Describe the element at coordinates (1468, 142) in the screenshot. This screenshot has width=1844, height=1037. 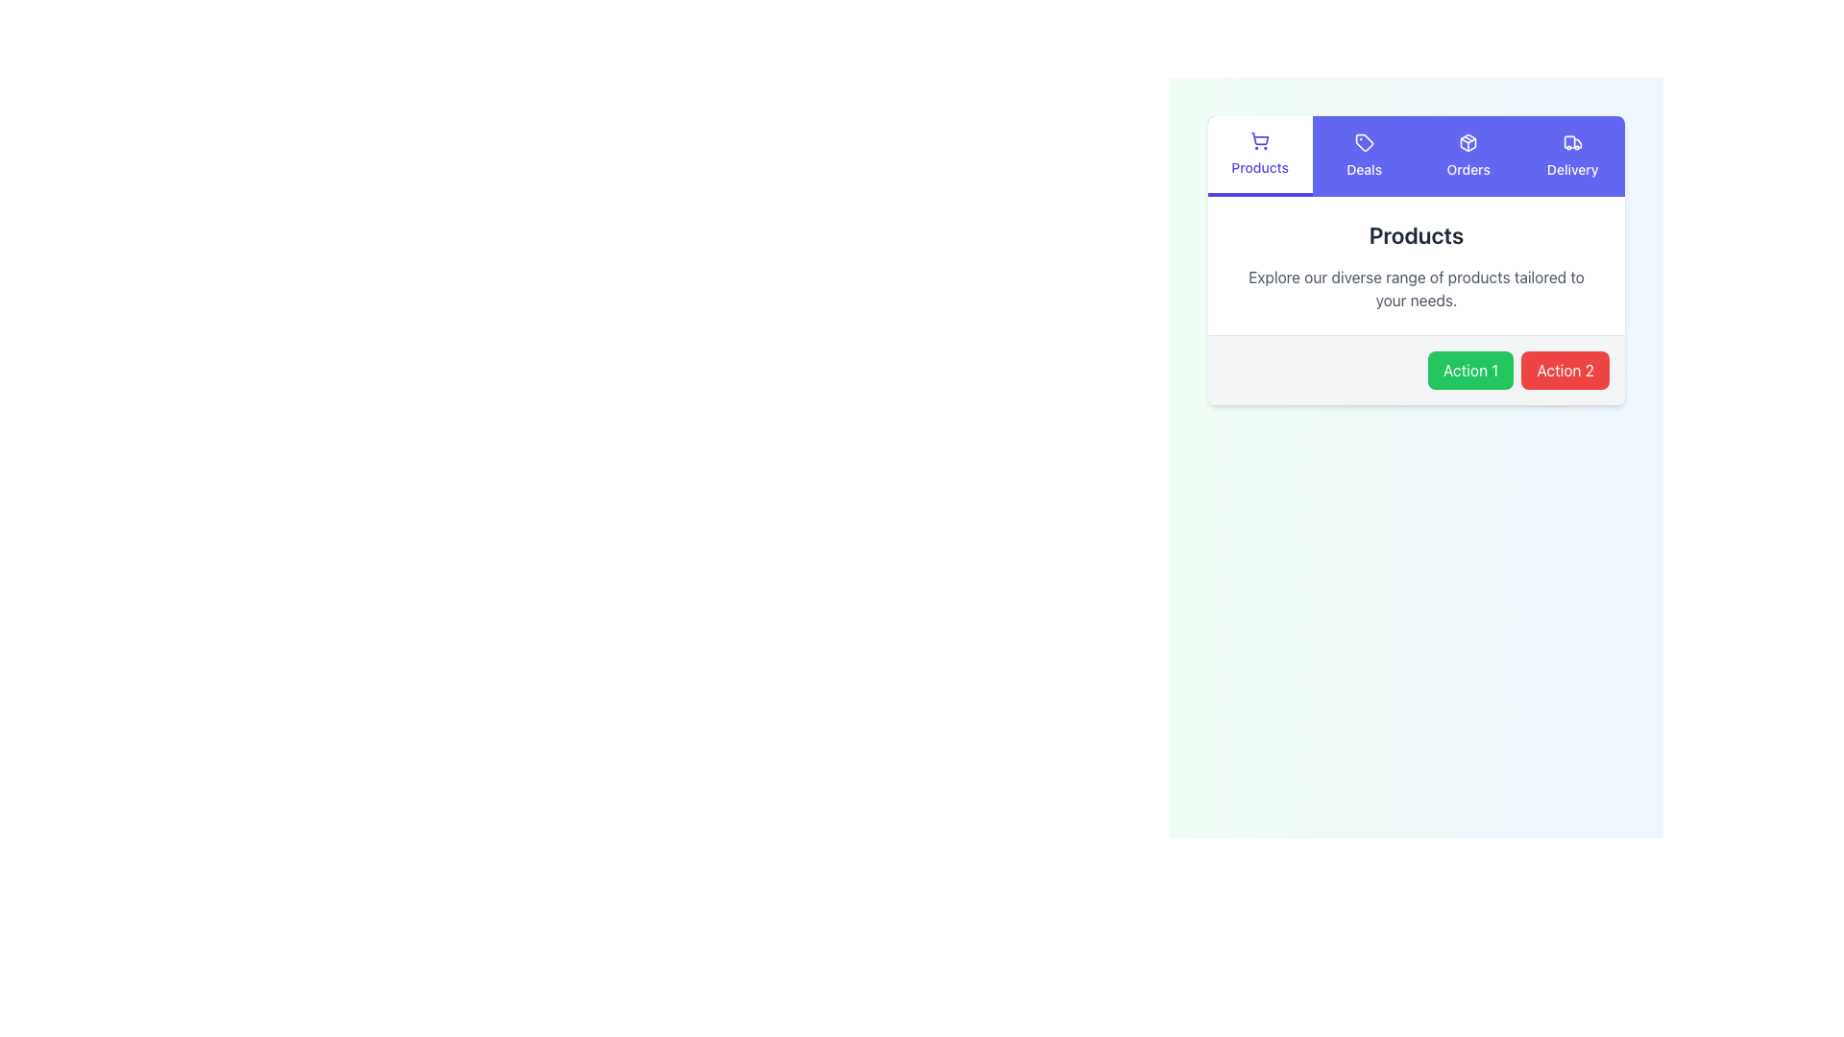
I see `the 'Orders' tab icon, which is centrally located above the text 'Orders'` at that location.